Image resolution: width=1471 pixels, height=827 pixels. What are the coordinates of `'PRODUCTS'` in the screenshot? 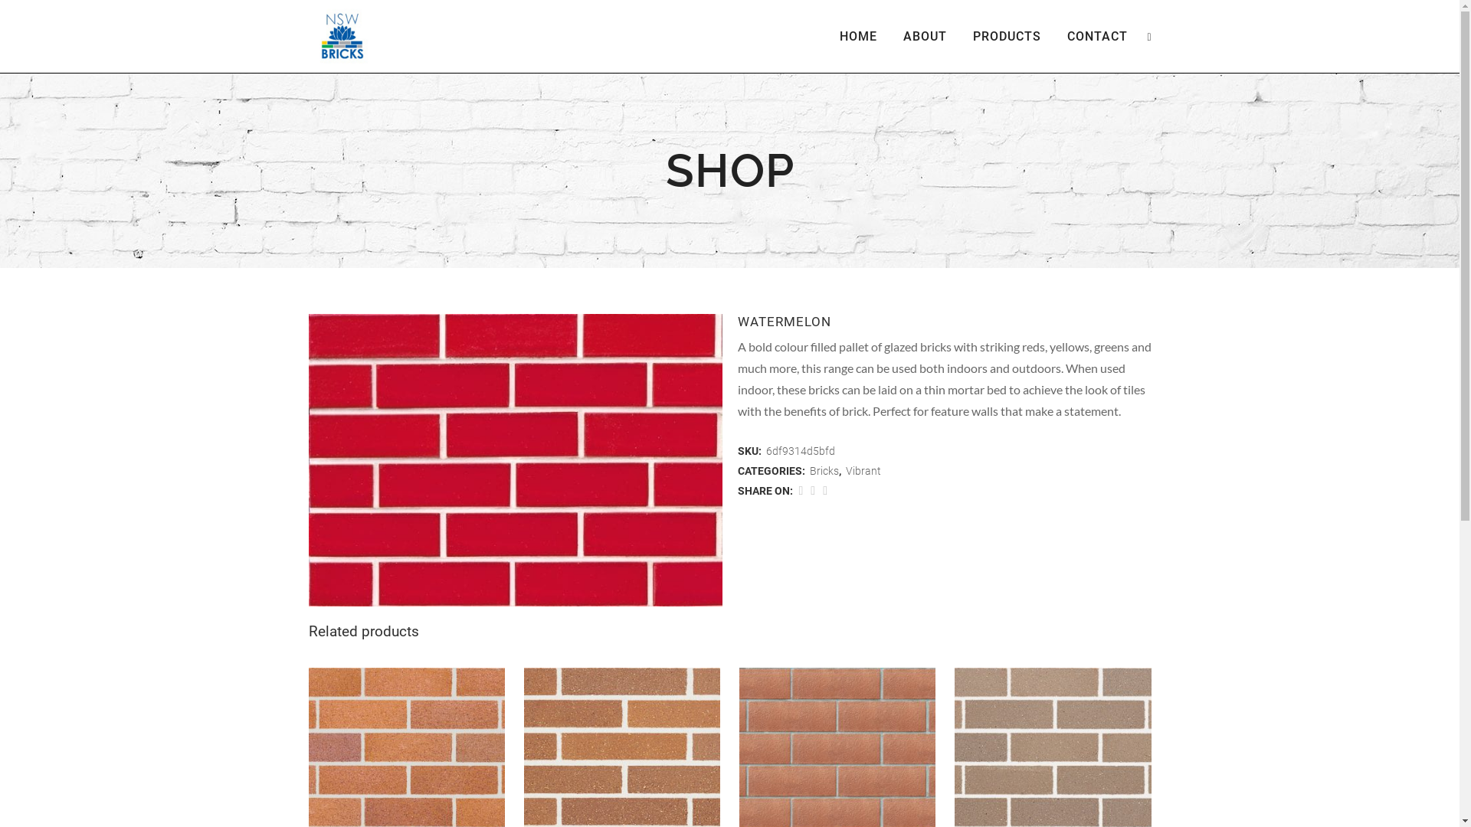 It's located at (1007, 35).